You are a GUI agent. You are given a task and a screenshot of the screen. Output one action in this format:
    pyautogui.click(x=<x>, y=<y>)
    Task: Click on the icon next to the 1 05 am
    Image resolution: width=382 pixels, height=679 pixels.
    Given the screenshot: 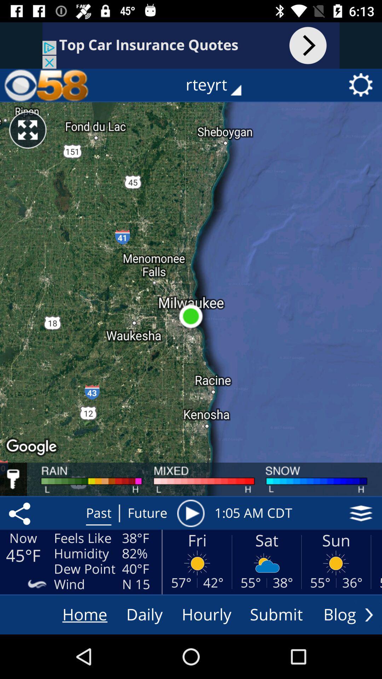 What is the action you would take?
    pyautogui.click(x=361, y=513)
    